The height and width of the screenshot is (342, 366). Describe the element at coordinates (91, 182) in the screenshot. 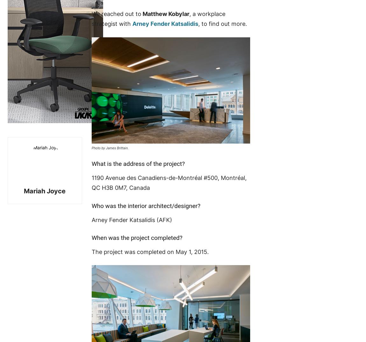

I see `'1190 Avenue des Canadiens-de-Montréal #500, Montréal, QC H3B 0M7, Canada'` at that location.